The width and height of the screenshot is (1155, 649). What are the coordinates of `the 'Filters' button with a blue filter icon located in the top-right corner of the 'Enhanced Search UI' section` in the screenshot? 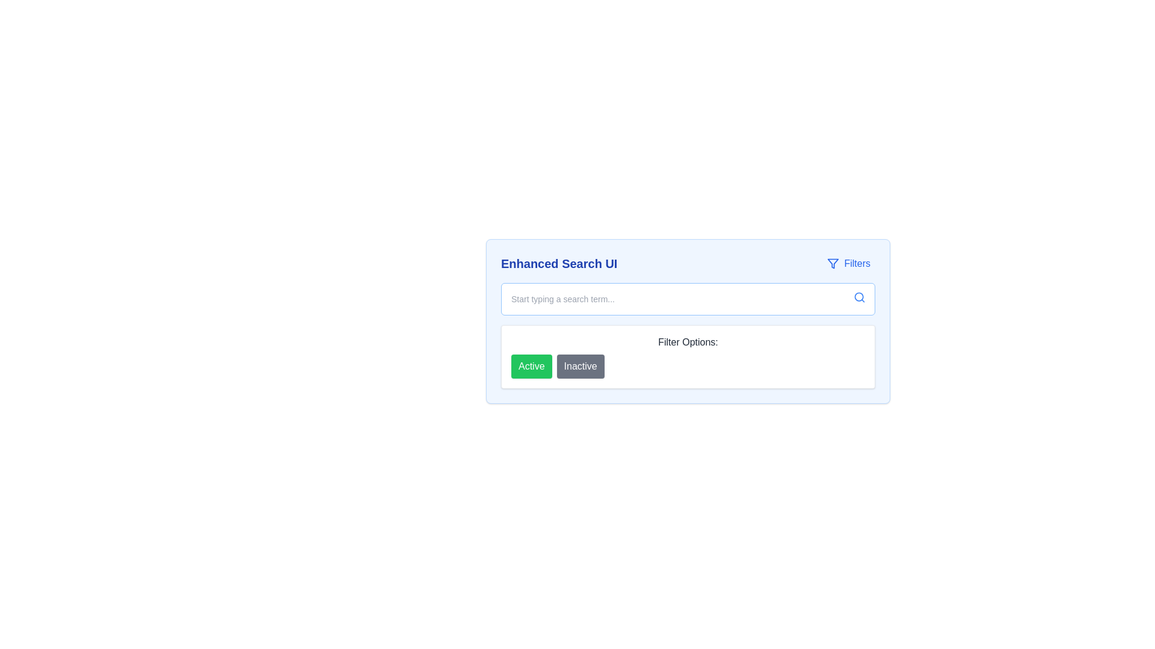 It's located at (848, 263).